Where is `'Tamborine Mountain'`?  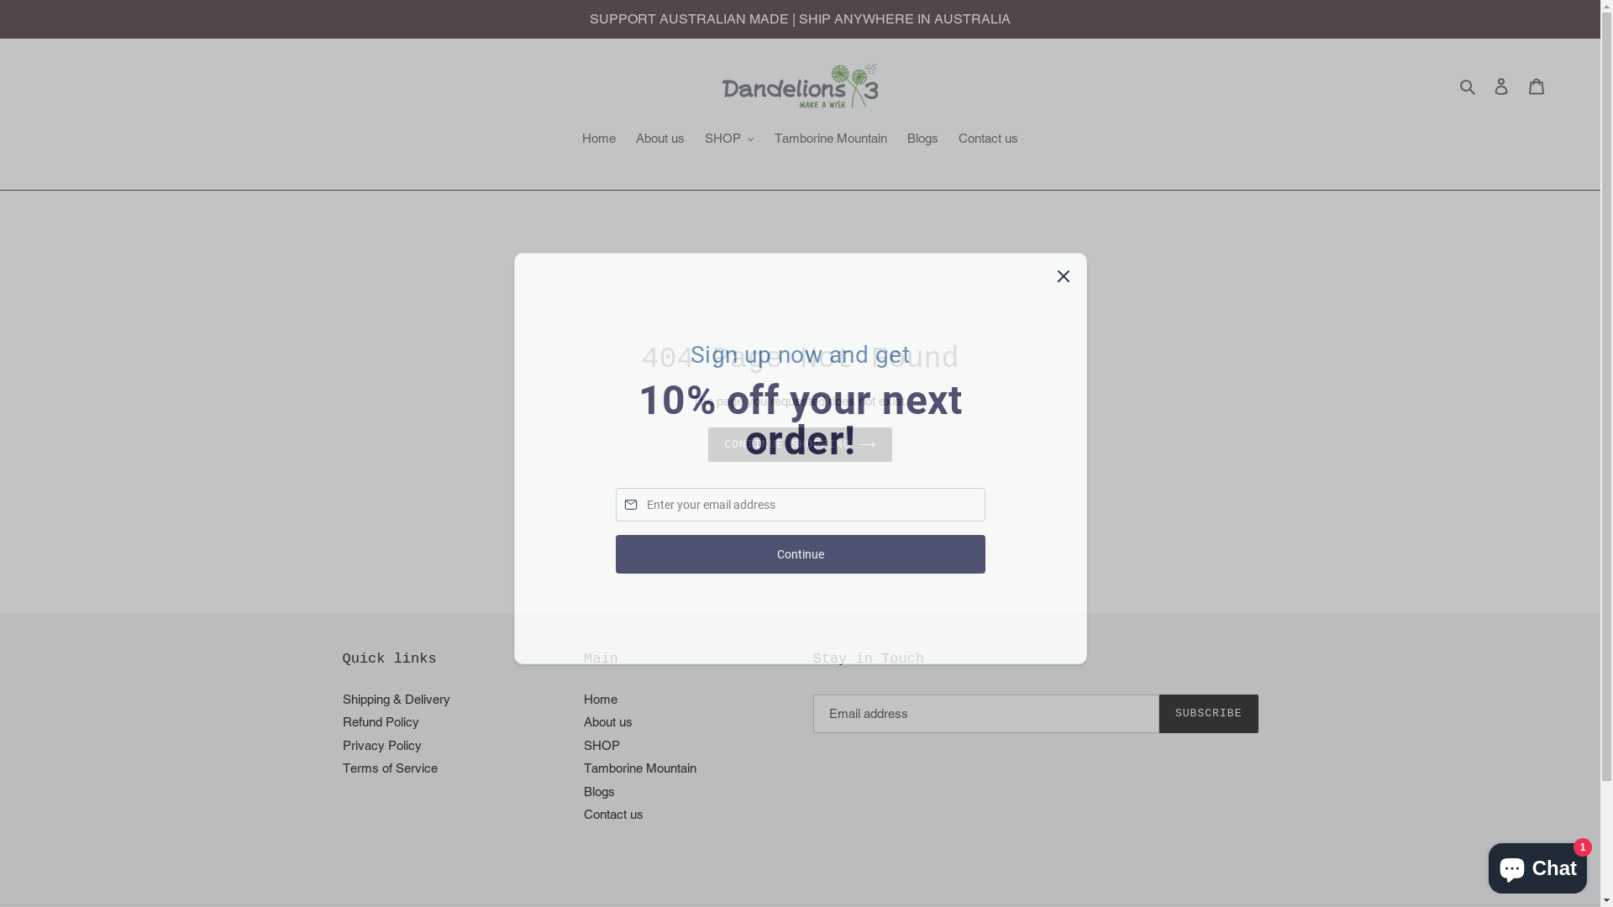 'Tamborine Mountain' is located at coordinates (584, 768).